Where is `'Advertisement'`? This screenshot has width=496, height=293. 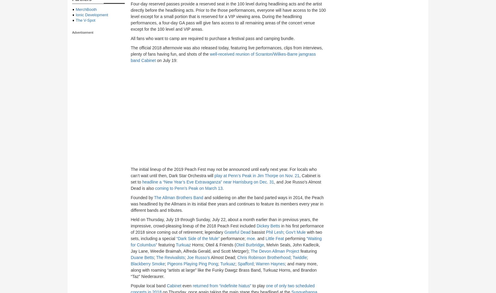
'Advertisement' is located at coordinates (83, 32).